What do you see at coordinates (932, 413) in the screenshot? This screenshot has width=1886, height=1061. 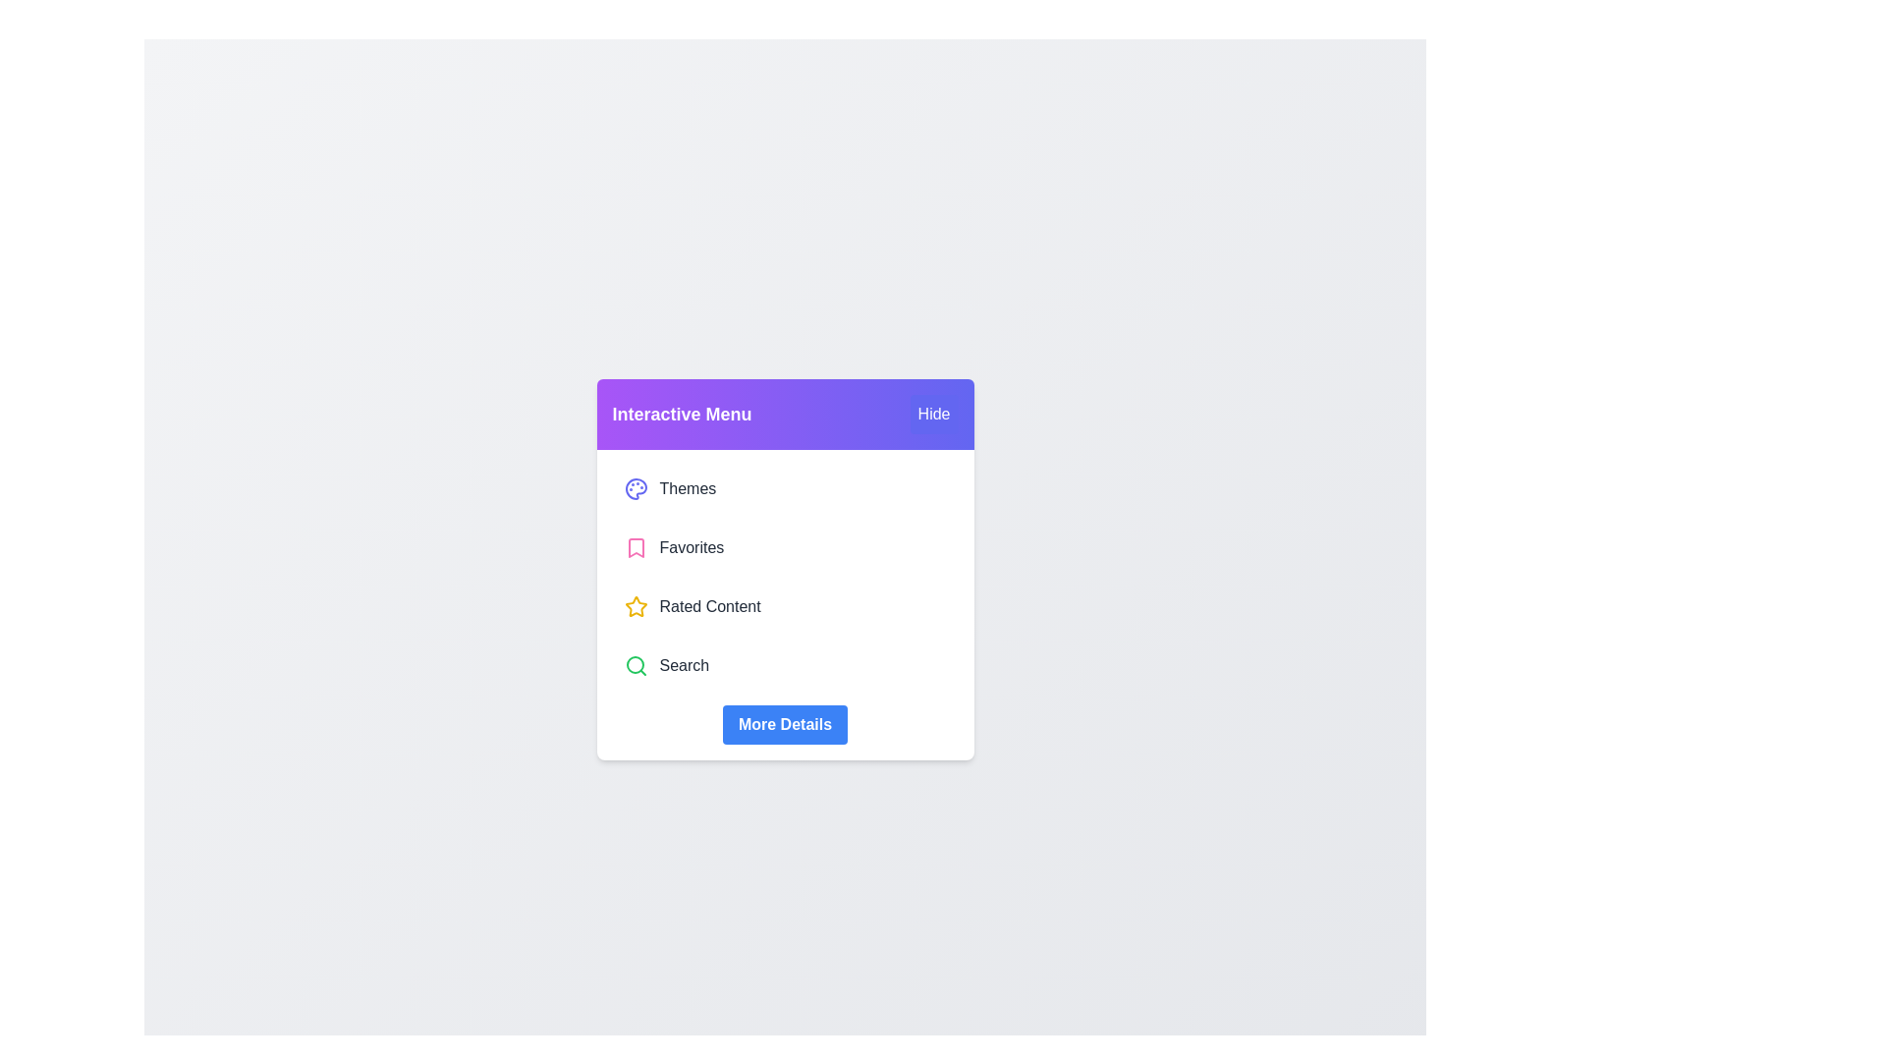 I see `the 'Hide' button to toggle the menu visibility` at bounding box center [932, 413].